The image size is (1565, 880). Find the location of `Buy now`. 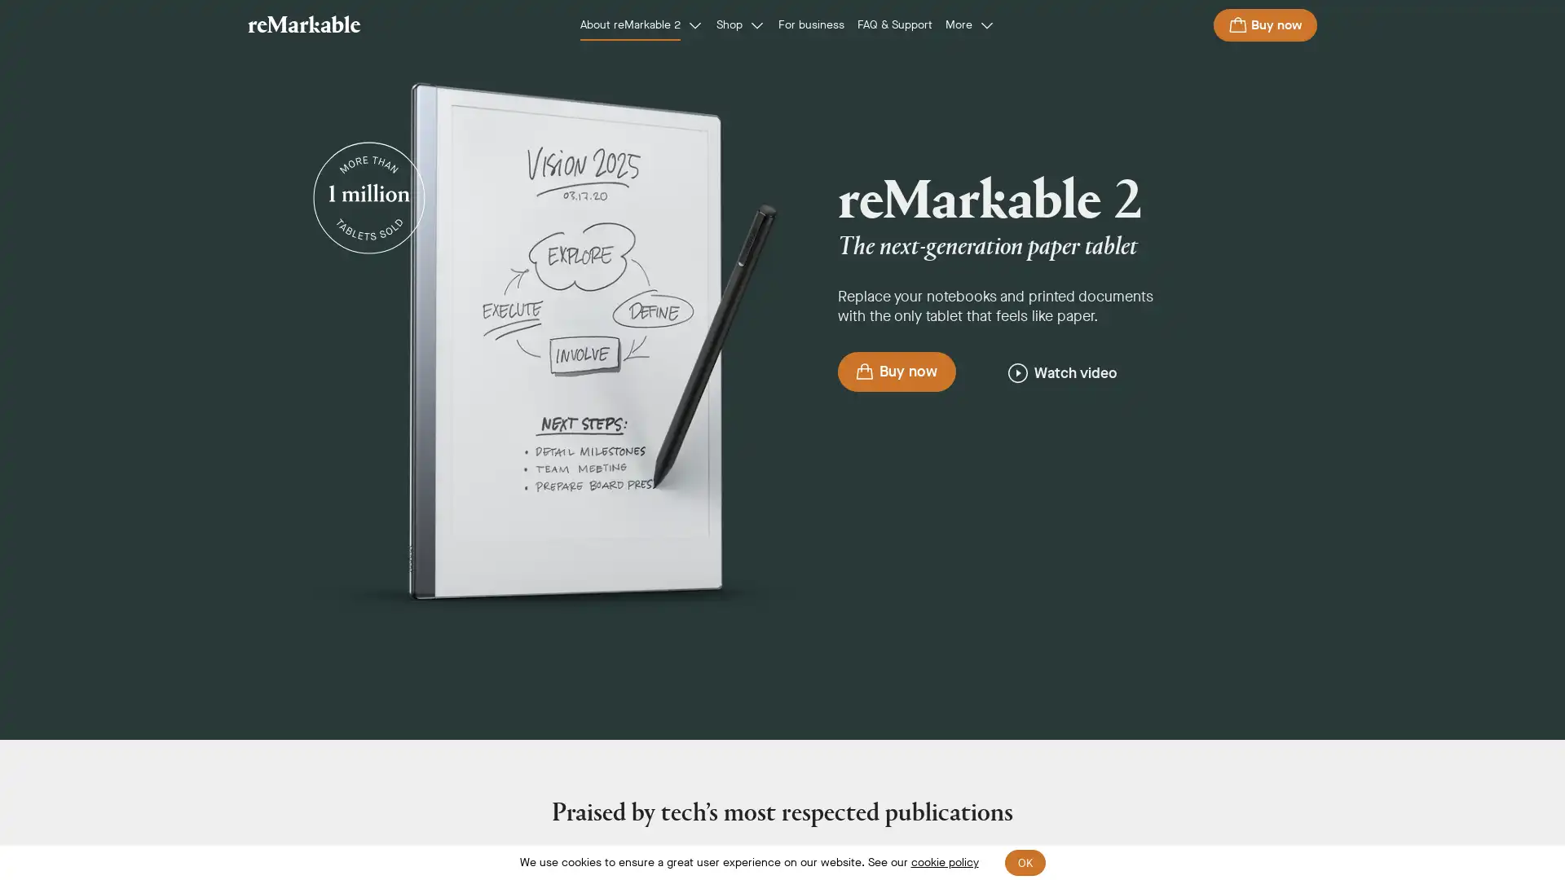

Buy now is located at coordinates (1264, 24).